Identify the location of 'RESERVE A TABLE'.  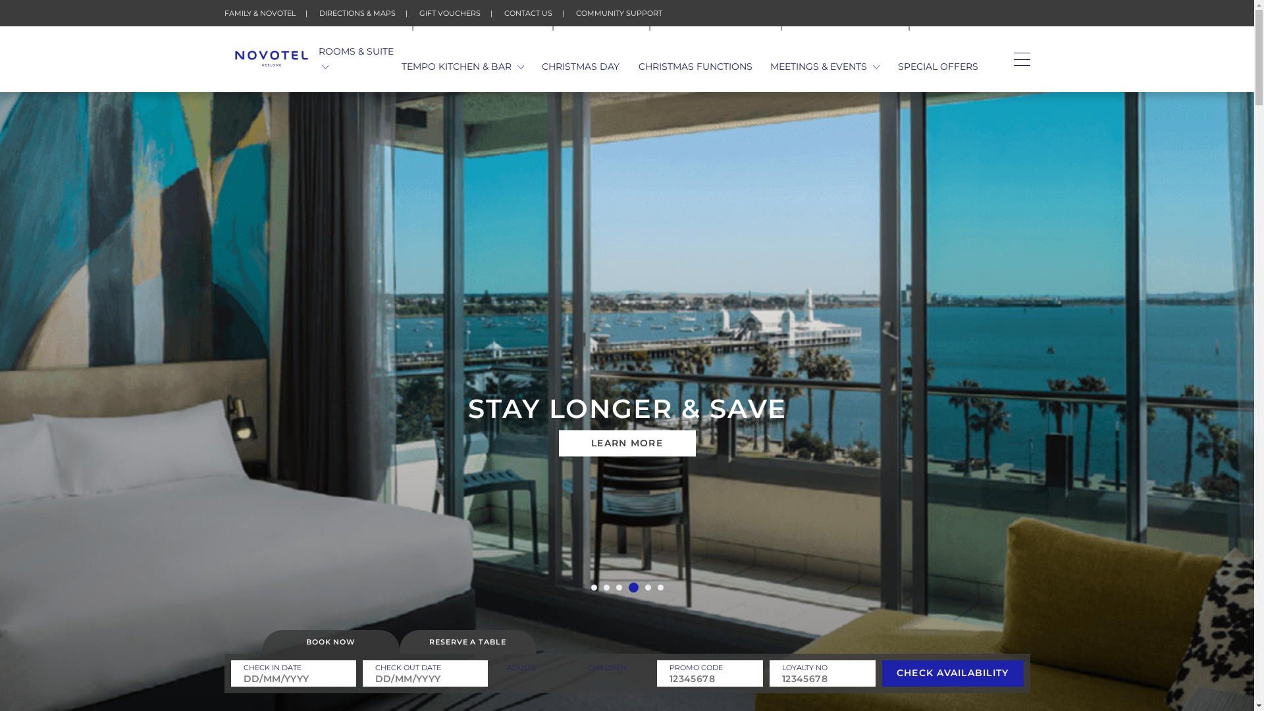
(467, 641).